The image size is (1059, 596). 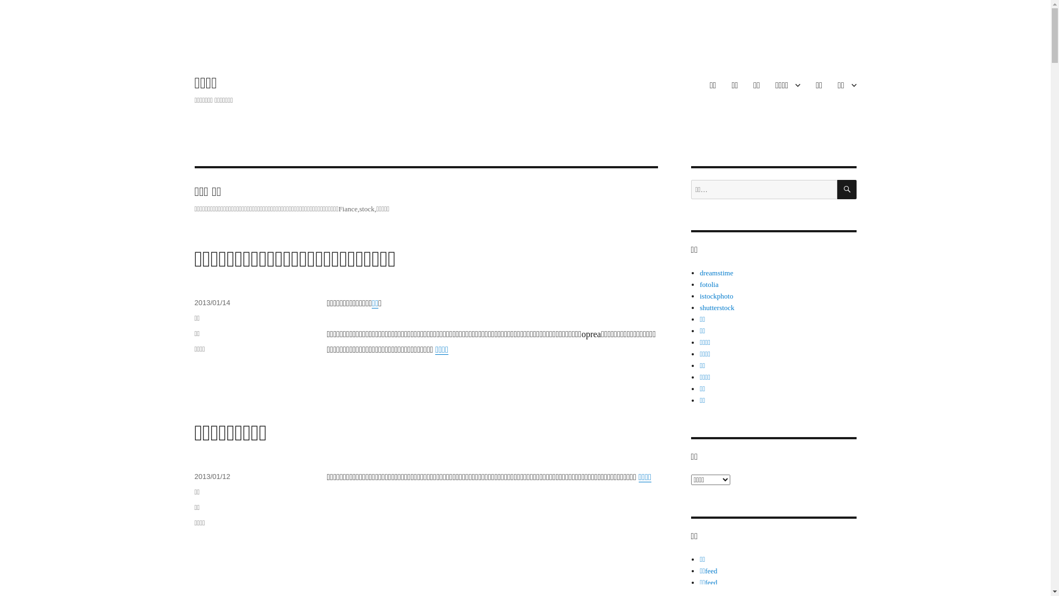 I want to click on 'fotolia', so click(x=709, y=284).